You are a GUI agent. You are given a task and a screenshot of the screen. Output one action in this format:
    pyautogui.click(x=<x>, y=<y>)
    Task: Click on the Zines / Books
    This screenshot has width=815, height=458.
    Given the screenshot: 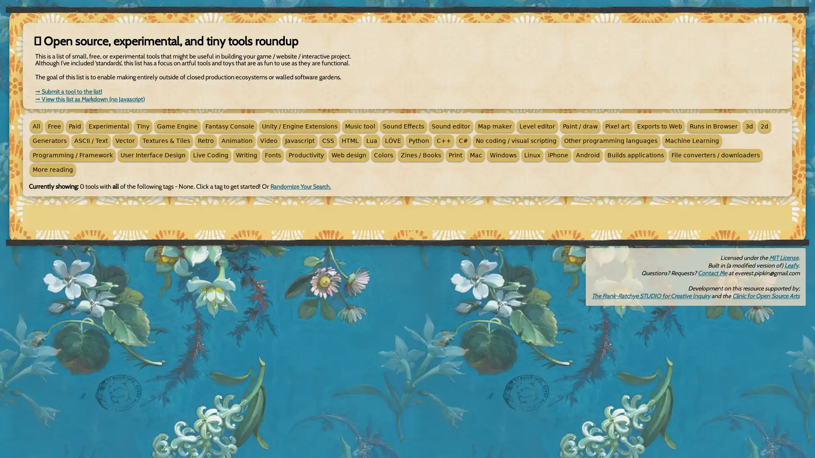 What is the action you would take?
    pyautogui.click(x=421, y=155)
    